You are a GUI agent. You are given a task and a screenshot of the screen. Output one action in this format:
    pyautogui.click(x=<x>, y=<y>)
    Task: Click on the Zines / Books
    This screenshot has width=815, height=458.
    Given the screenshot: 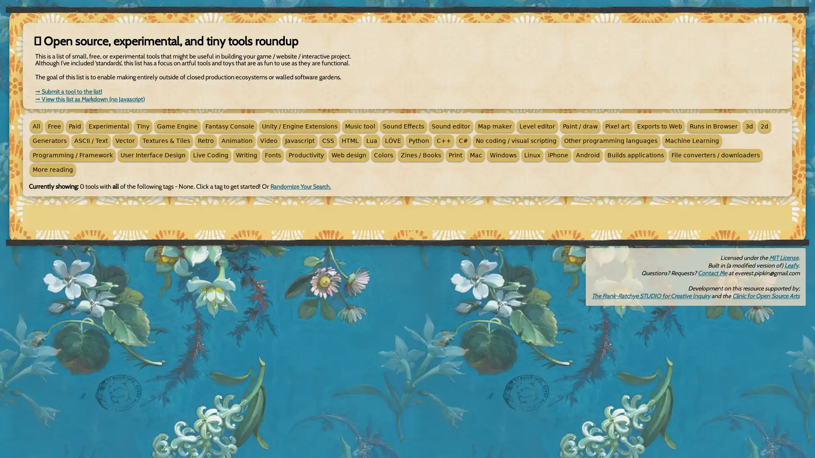 What is the action you would take?
    pyautogui.click(x=421, y=155)
    